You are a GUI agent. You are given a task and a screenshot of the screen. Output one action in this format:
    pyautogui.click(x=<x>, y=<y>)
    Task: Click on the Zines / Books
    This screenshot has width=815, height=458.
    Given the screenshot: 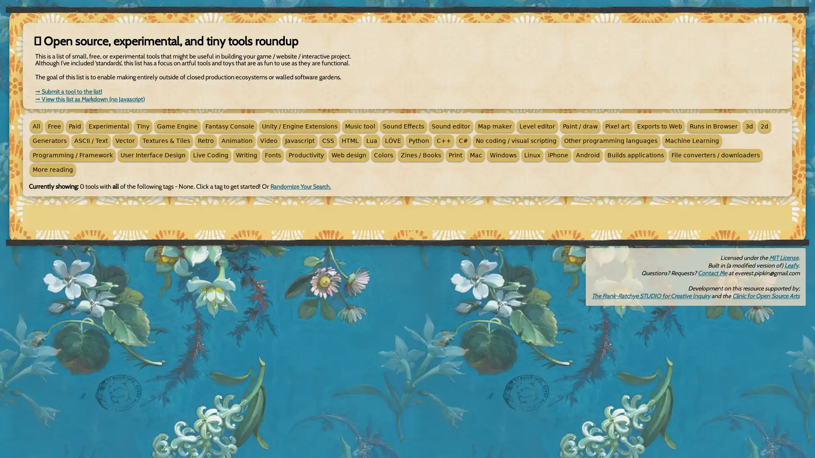 What is the action you would take?
    pyautogui.click(x=421, y=155)
    